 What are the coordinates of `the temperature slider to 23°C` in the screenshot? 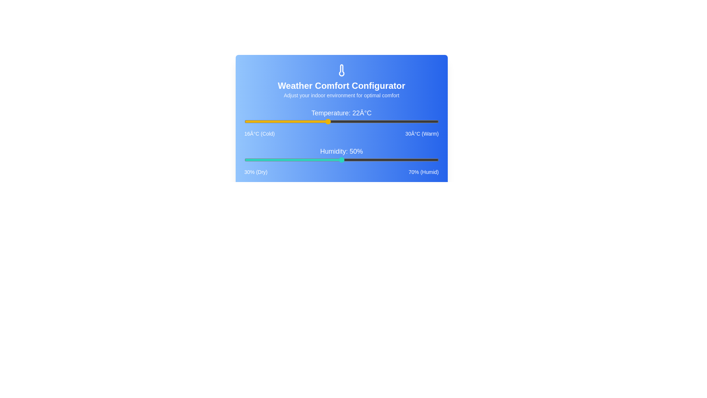 It's located at (341, 121).